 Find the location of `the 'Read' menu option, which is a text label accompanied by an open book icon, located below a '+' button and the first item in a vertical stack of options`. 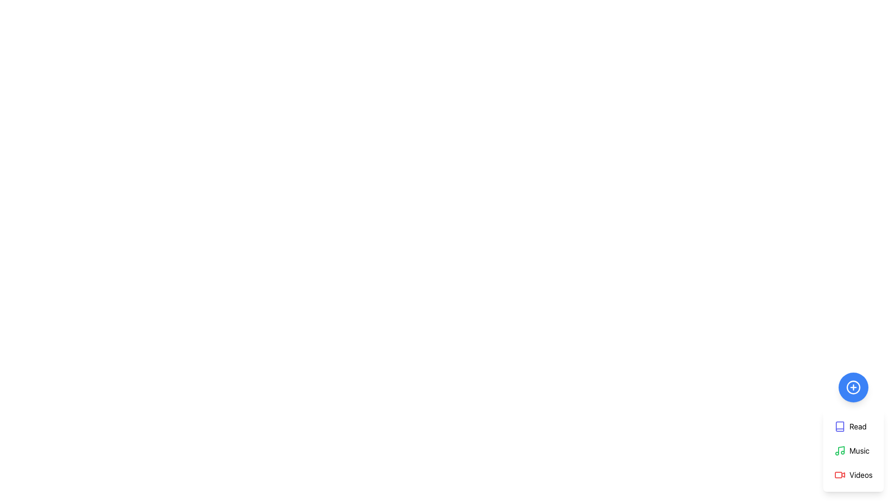

the 'Read' menu option, which is a text label accompanied by an open book icon, located below a '+' button and the first item in a vertical stack of options is located at coordinates (854, 432).